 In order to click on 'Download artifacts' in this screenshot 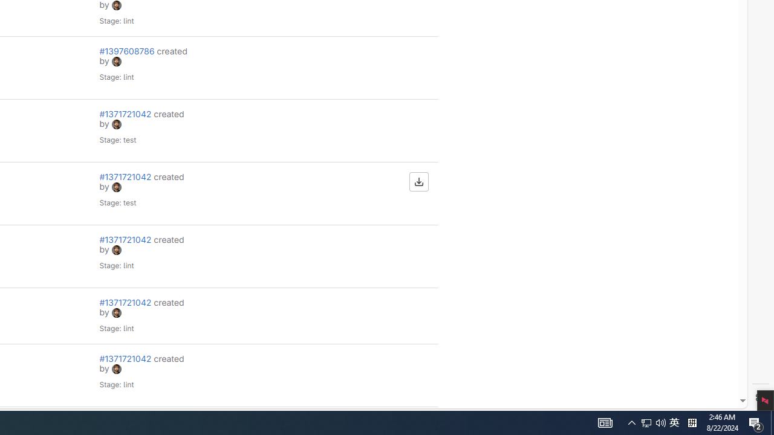, I will do `click(418, 181)`.